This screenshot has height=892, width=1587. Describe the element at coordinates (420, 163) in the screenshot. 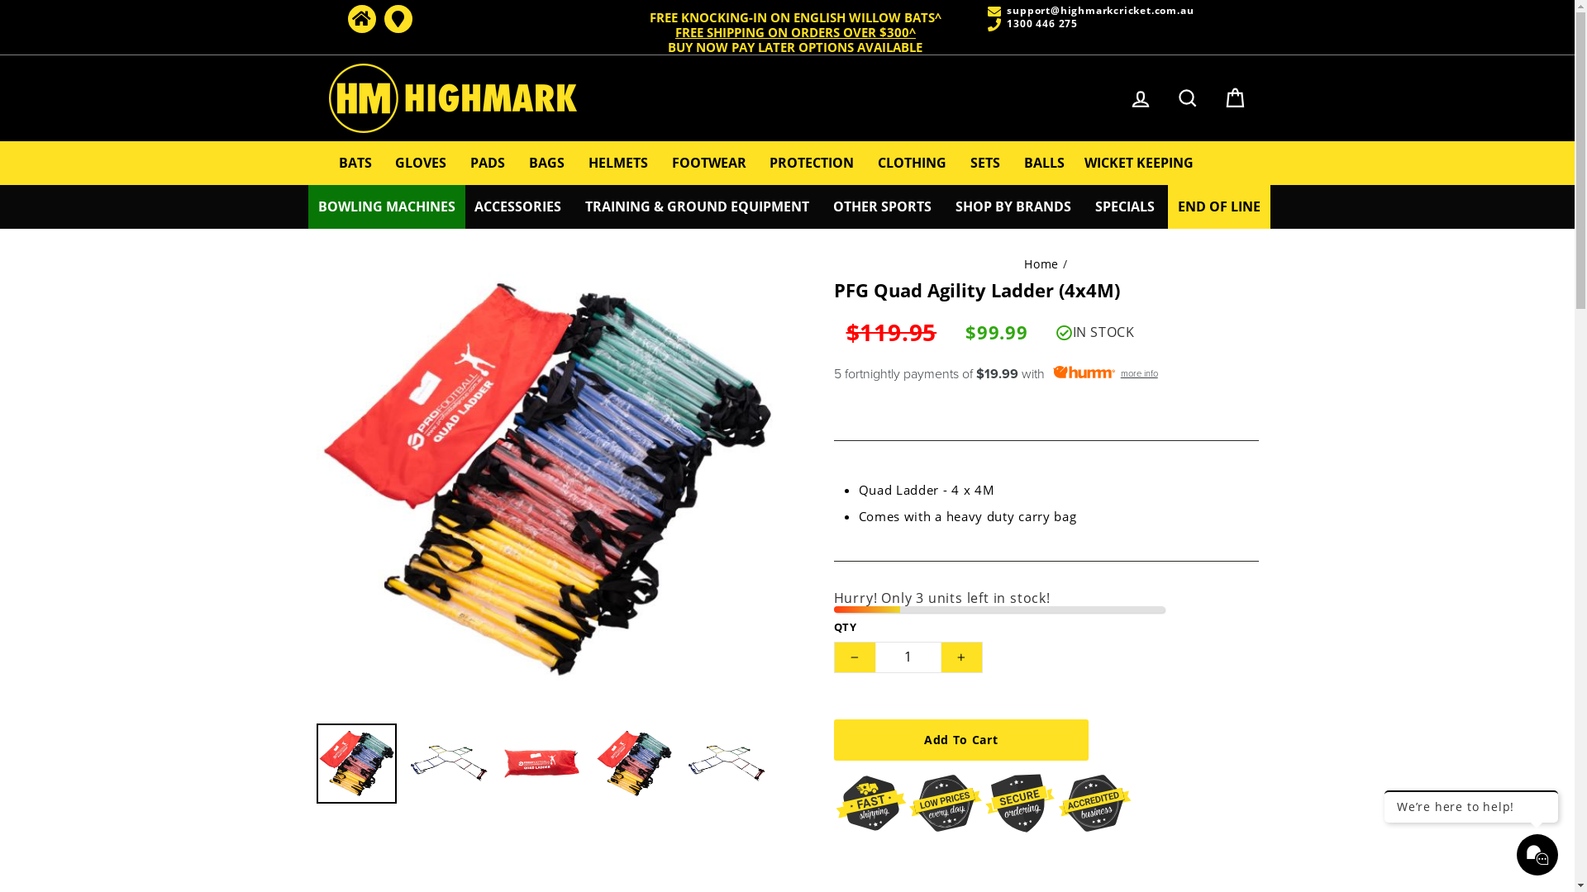

I see `'GLOVES'` at that location.